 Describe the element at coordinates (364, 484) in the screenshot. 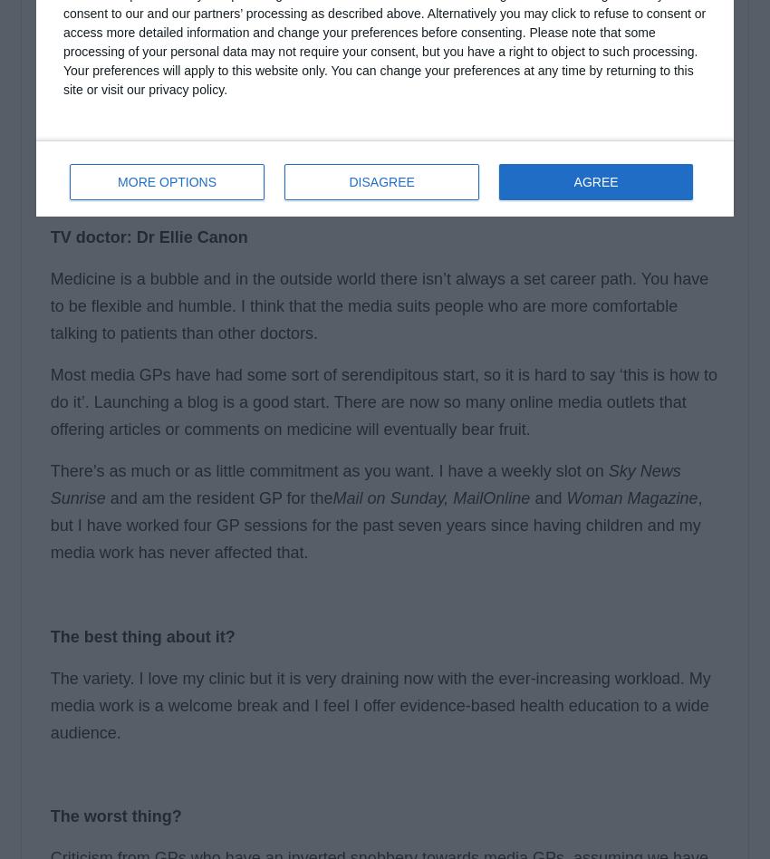

I see `'Sky News Sunrise'` at that location.